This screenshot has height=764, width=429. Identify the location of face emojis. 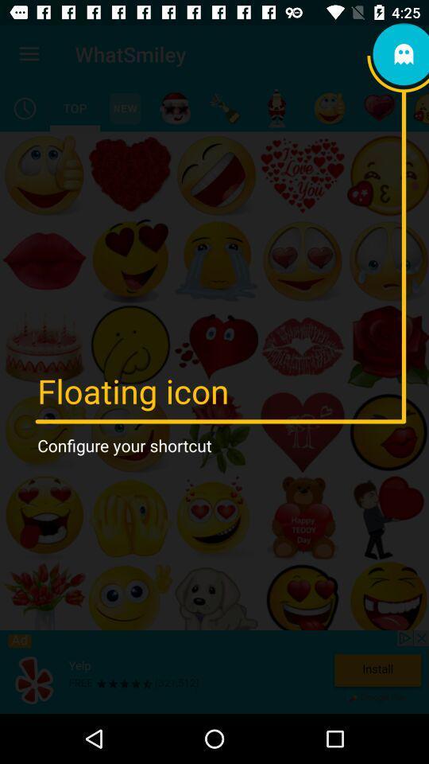
(329, 107).